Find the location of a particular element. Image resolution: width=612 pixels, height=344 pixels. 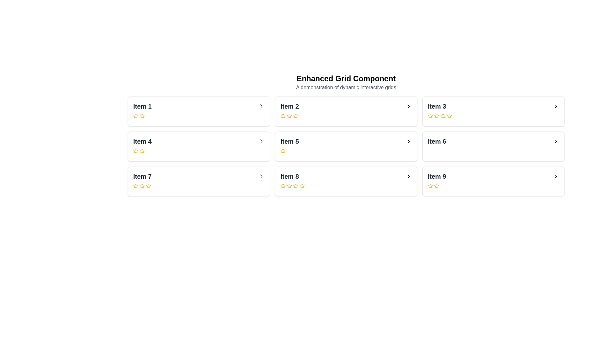

the second star rating icon in the Item 7 card to rate it is located at coordinates (142, 186).